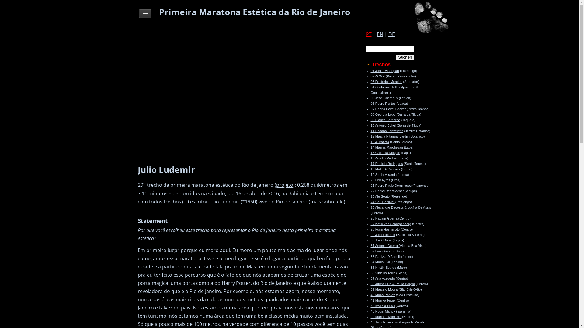 This screenshot has height=328, width=584. Describe the element at coordinates (391, 224) in the screenshot. I see `'27 Katie van Scherpenberg'` at that location.